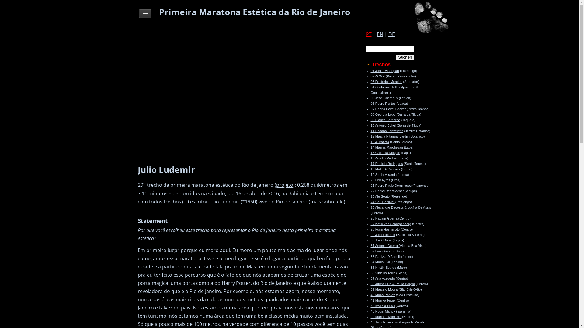 This screenshot has height=328, width=584. Describe the element at coordinates (391, 224) in the screenshot. I see `'27 Katie van Scherpenberg'` at that location.